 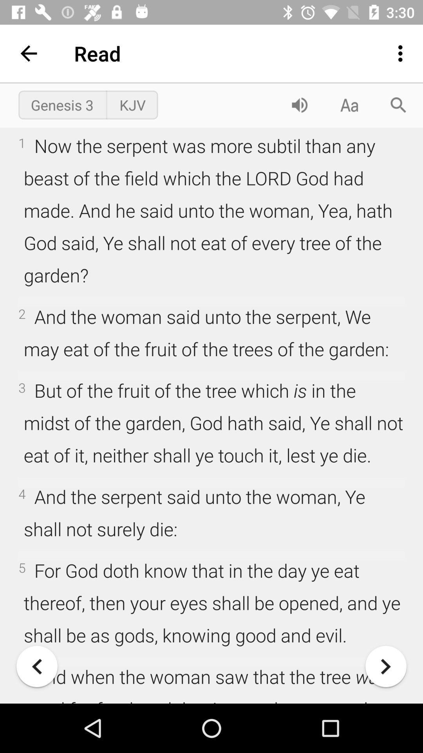 I want to click on the app next to the read app, so click(x=28, y=53).